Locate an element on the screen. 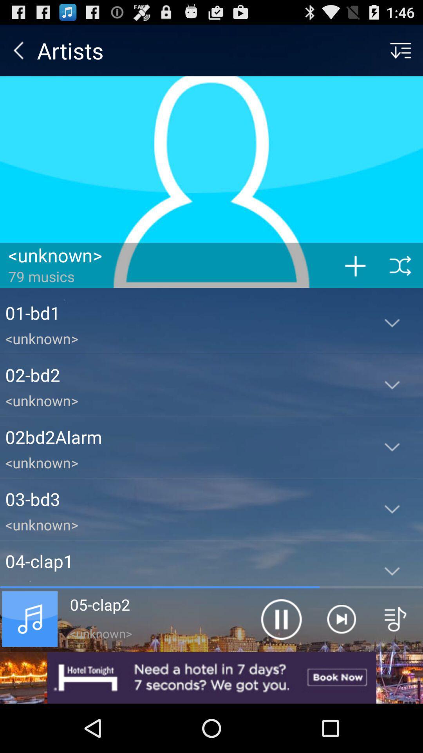 Image resolution: width=423 pixels, height=753 pixels. the 04-clap1 app is located at coordinates (183, 560).